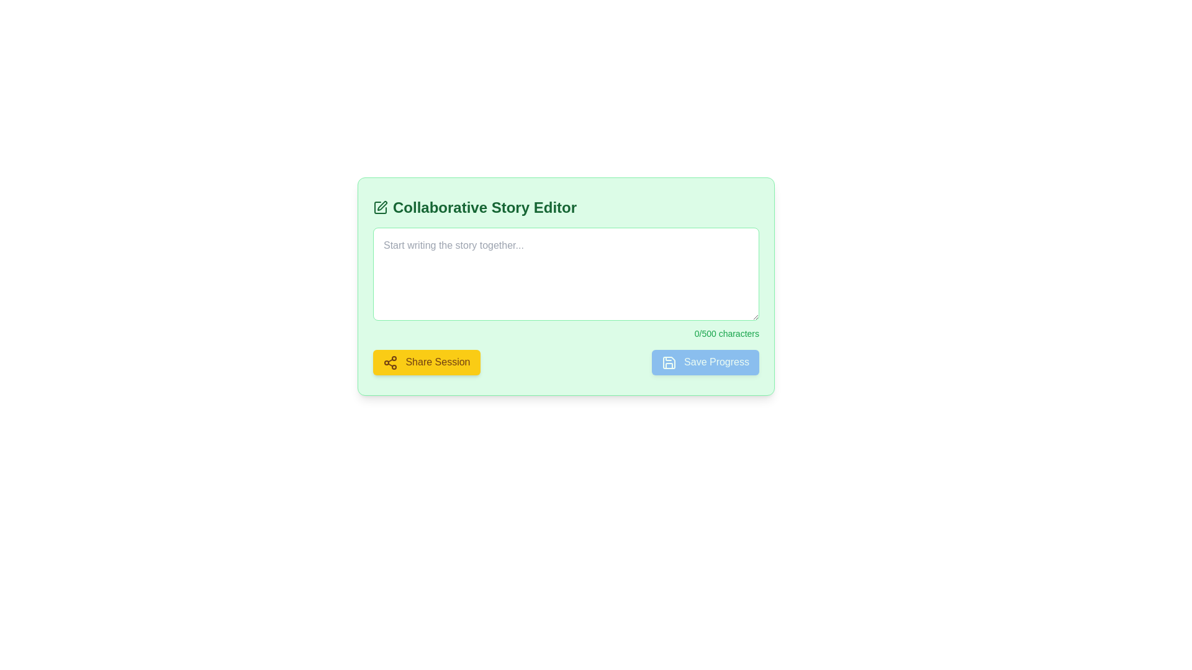 Image resolution: width=1192 pixels, height=670 pixels. I want to click on the 'Share Session' button, so click(427, 362).